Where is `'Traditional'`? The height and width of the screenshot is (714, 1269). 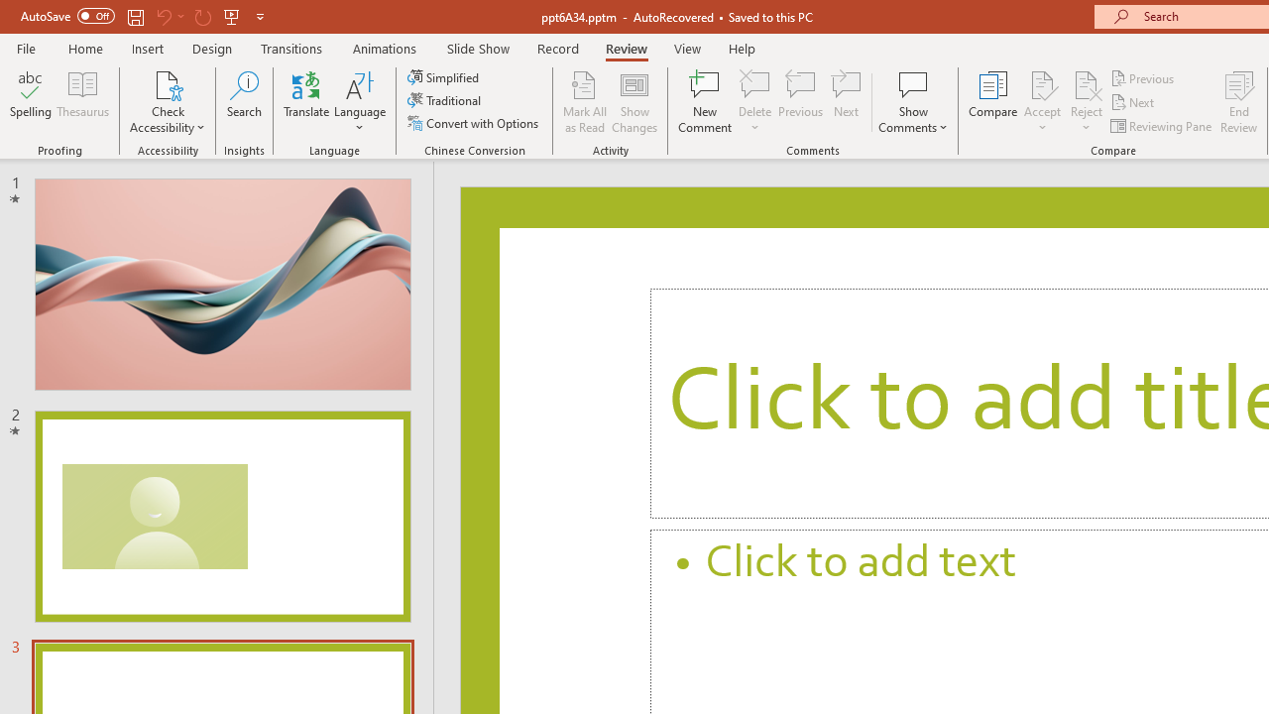
'Traditional' is located at coordinates (444, 100).